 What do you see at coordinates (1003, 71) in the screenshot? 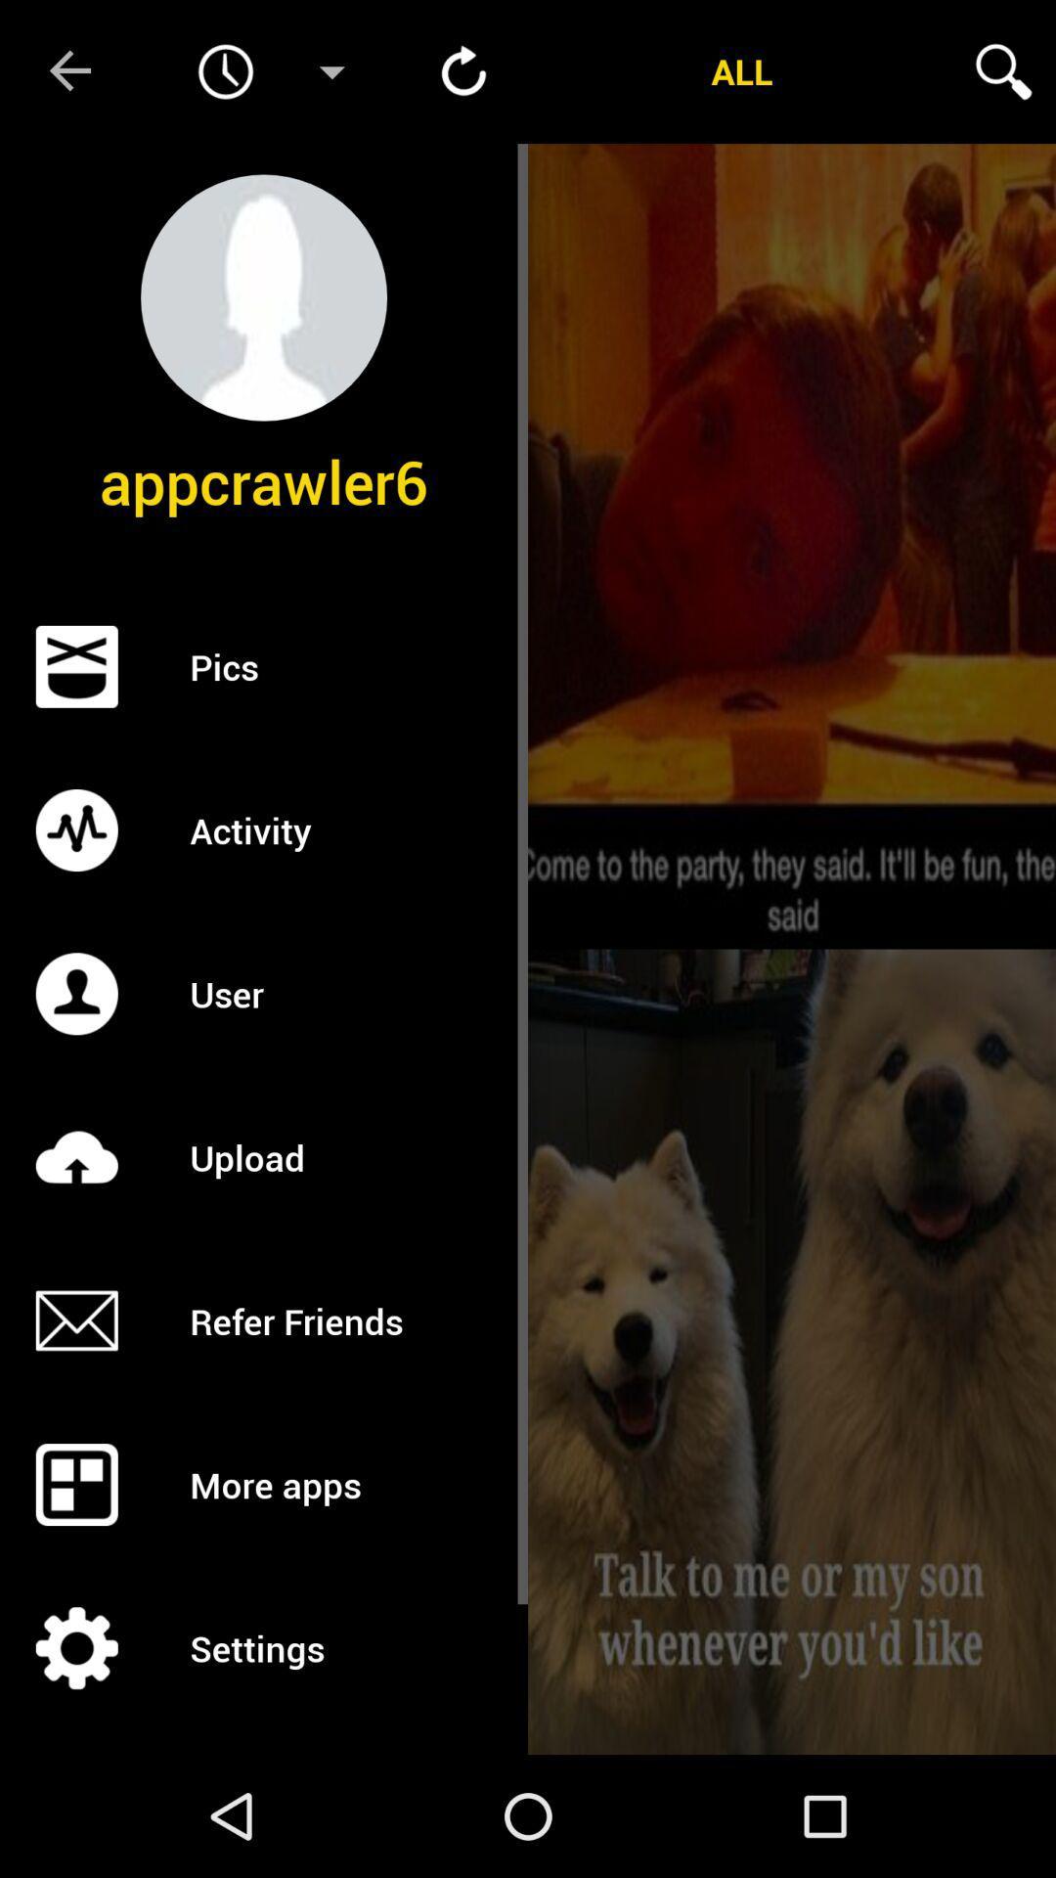
I see `search toggle` at bounding box center [1003, 71].